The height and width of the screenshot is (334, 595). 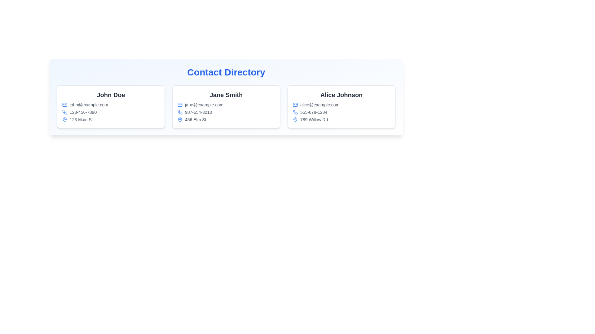 What do you see at coordinates (179, 112) in the screenshot?
I see `the phone handset icon with a blue outline located to the left of the phone number in the contact details for 'Jane Smith' within the middle contact card` at bounding box center [179, 112].